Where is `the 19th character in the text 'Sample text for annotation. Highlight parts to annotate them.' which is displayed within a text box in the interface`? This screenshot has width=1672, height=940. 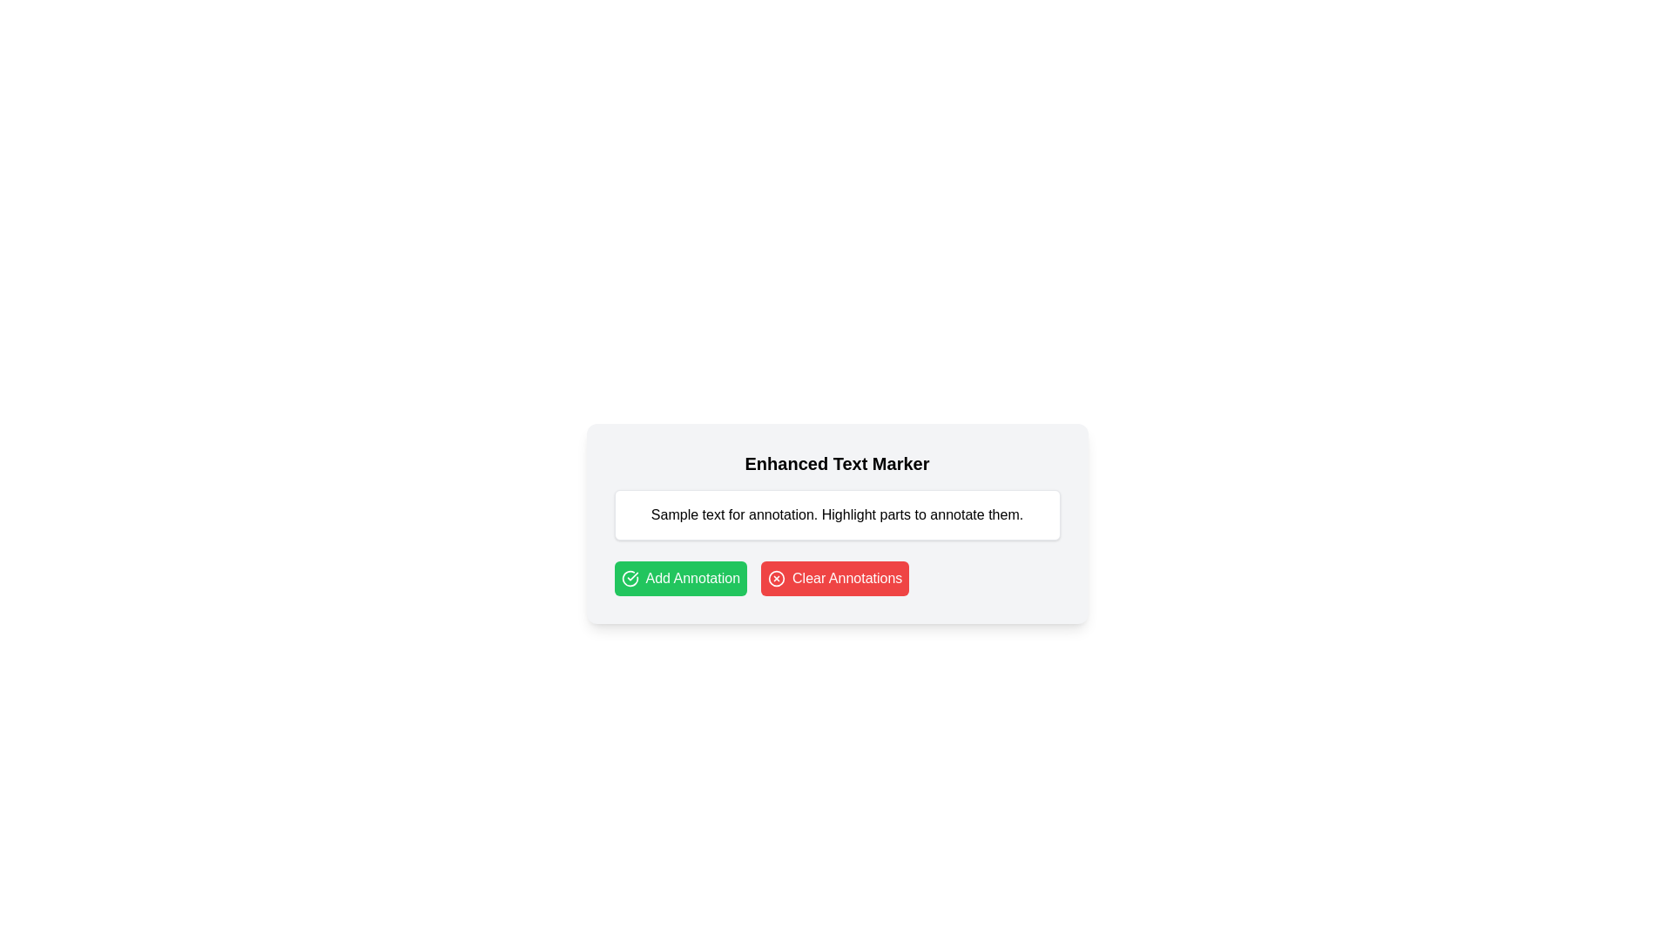
the 19th character in the text 'Sample text for annotation. Highlight parts to annotate them.' which is displayed within a text box in the interface is located at coordinates (767, 514).